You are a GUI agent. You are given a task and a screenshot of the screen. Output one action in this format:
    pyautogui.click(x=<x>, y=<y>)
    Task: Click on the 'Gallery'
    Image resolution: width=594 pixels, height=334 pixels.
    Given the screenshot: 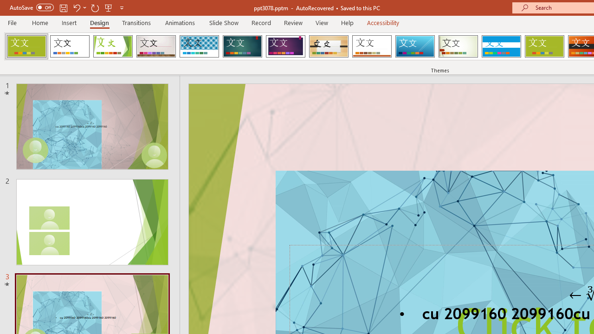 What is the action you would take?
    pyautogui.click(x=156, y=46)
    